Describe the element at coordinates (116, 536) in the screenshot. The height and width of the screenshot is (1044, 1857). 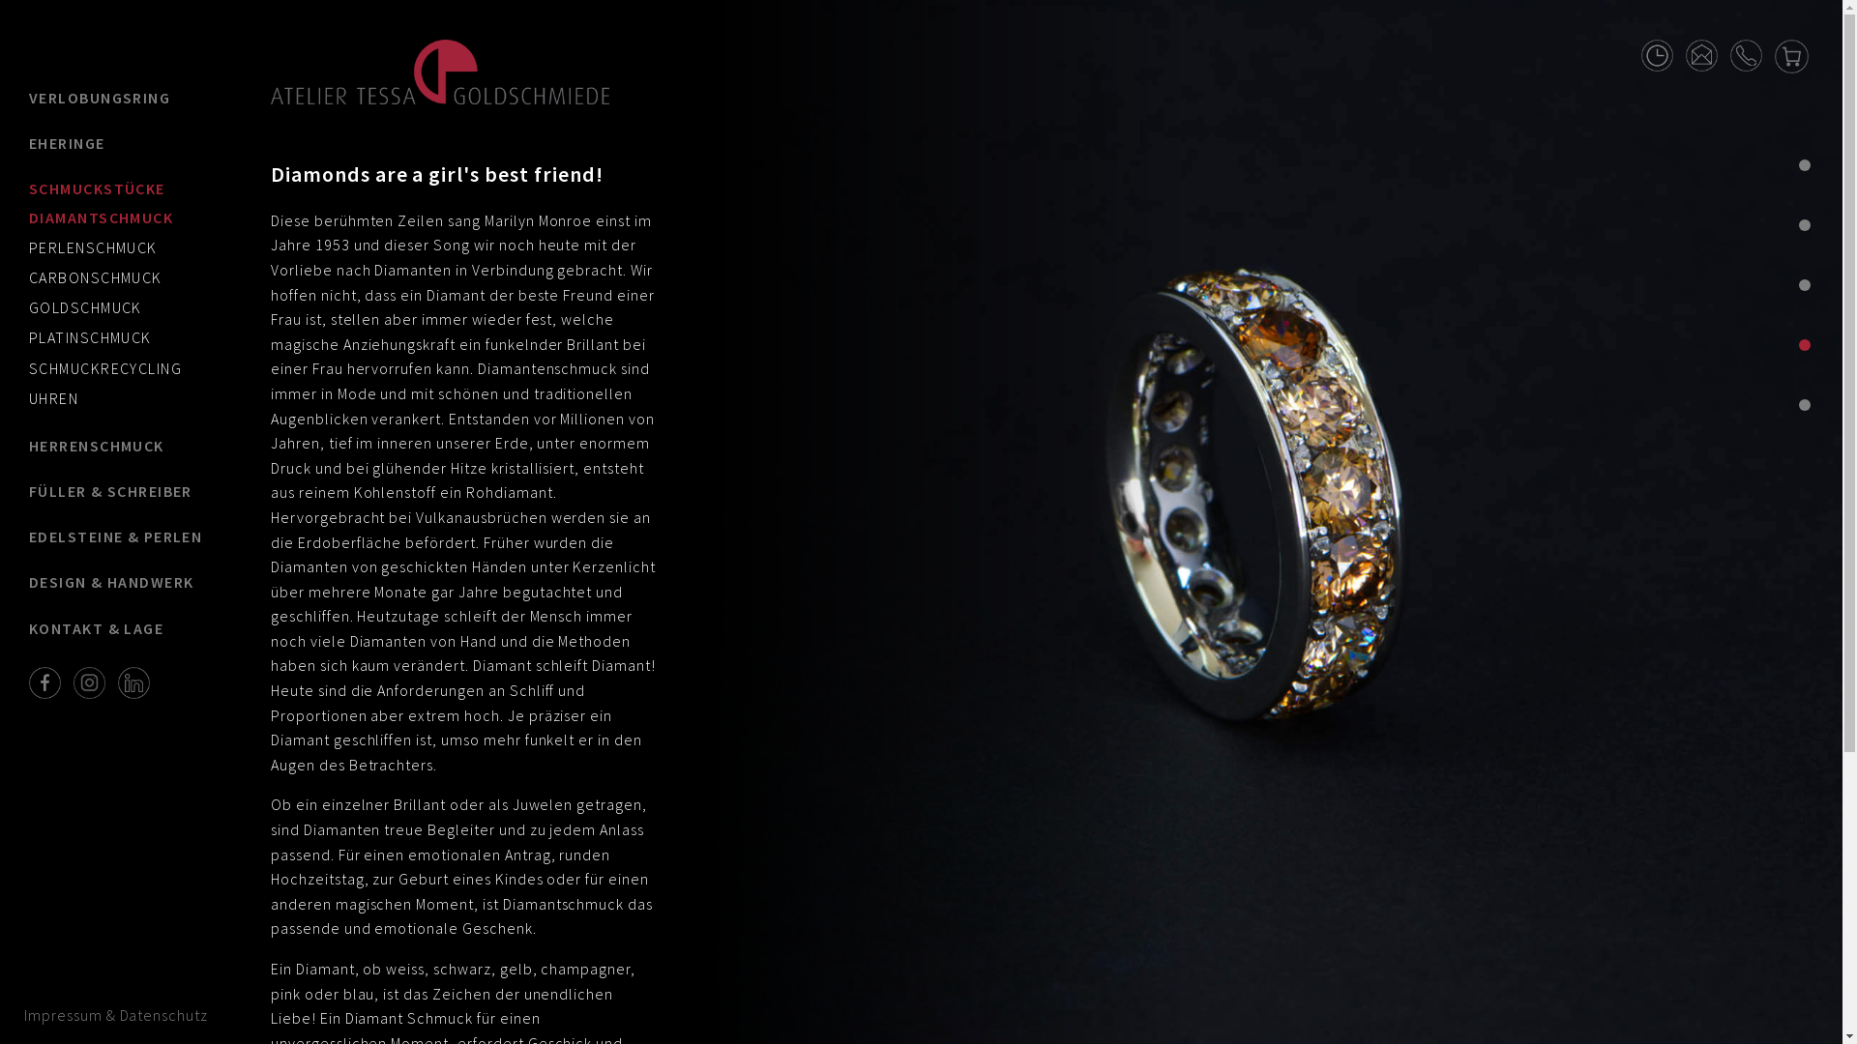
I see `'EDELSTEINE & PERLEN'` at that location.